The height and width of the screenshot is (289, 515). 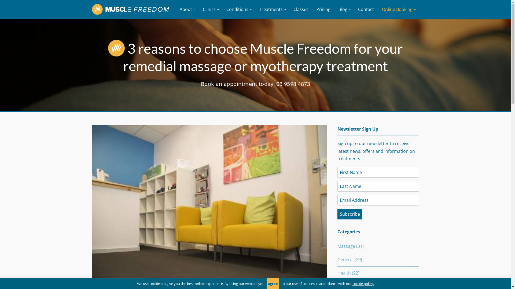 I want to click on '03 9598 4873', so click(x=293, y=84).